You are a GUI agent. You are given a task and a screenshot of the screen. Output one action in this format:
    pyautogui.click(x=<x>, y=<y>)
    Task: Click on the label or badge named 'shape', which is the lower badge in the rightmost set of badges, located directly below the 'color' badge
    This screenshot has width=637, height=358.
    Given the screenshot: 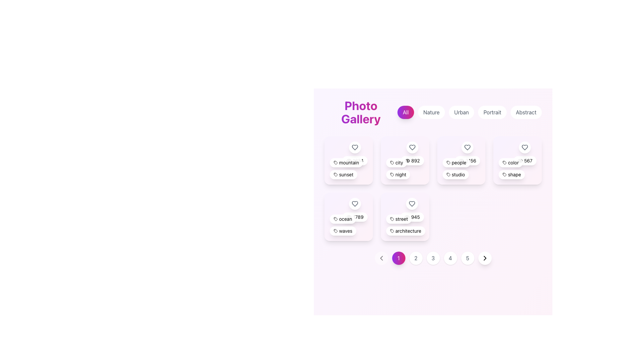 What is the action you would take?
    pyautogui.click(x=511, y=174)
    